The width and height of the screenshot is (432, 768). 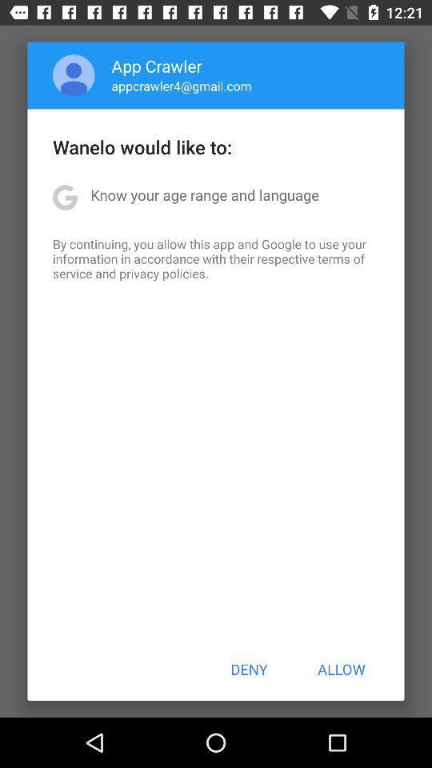 I want to click on app below the wanelo would like item, so click(x=205, y=194).